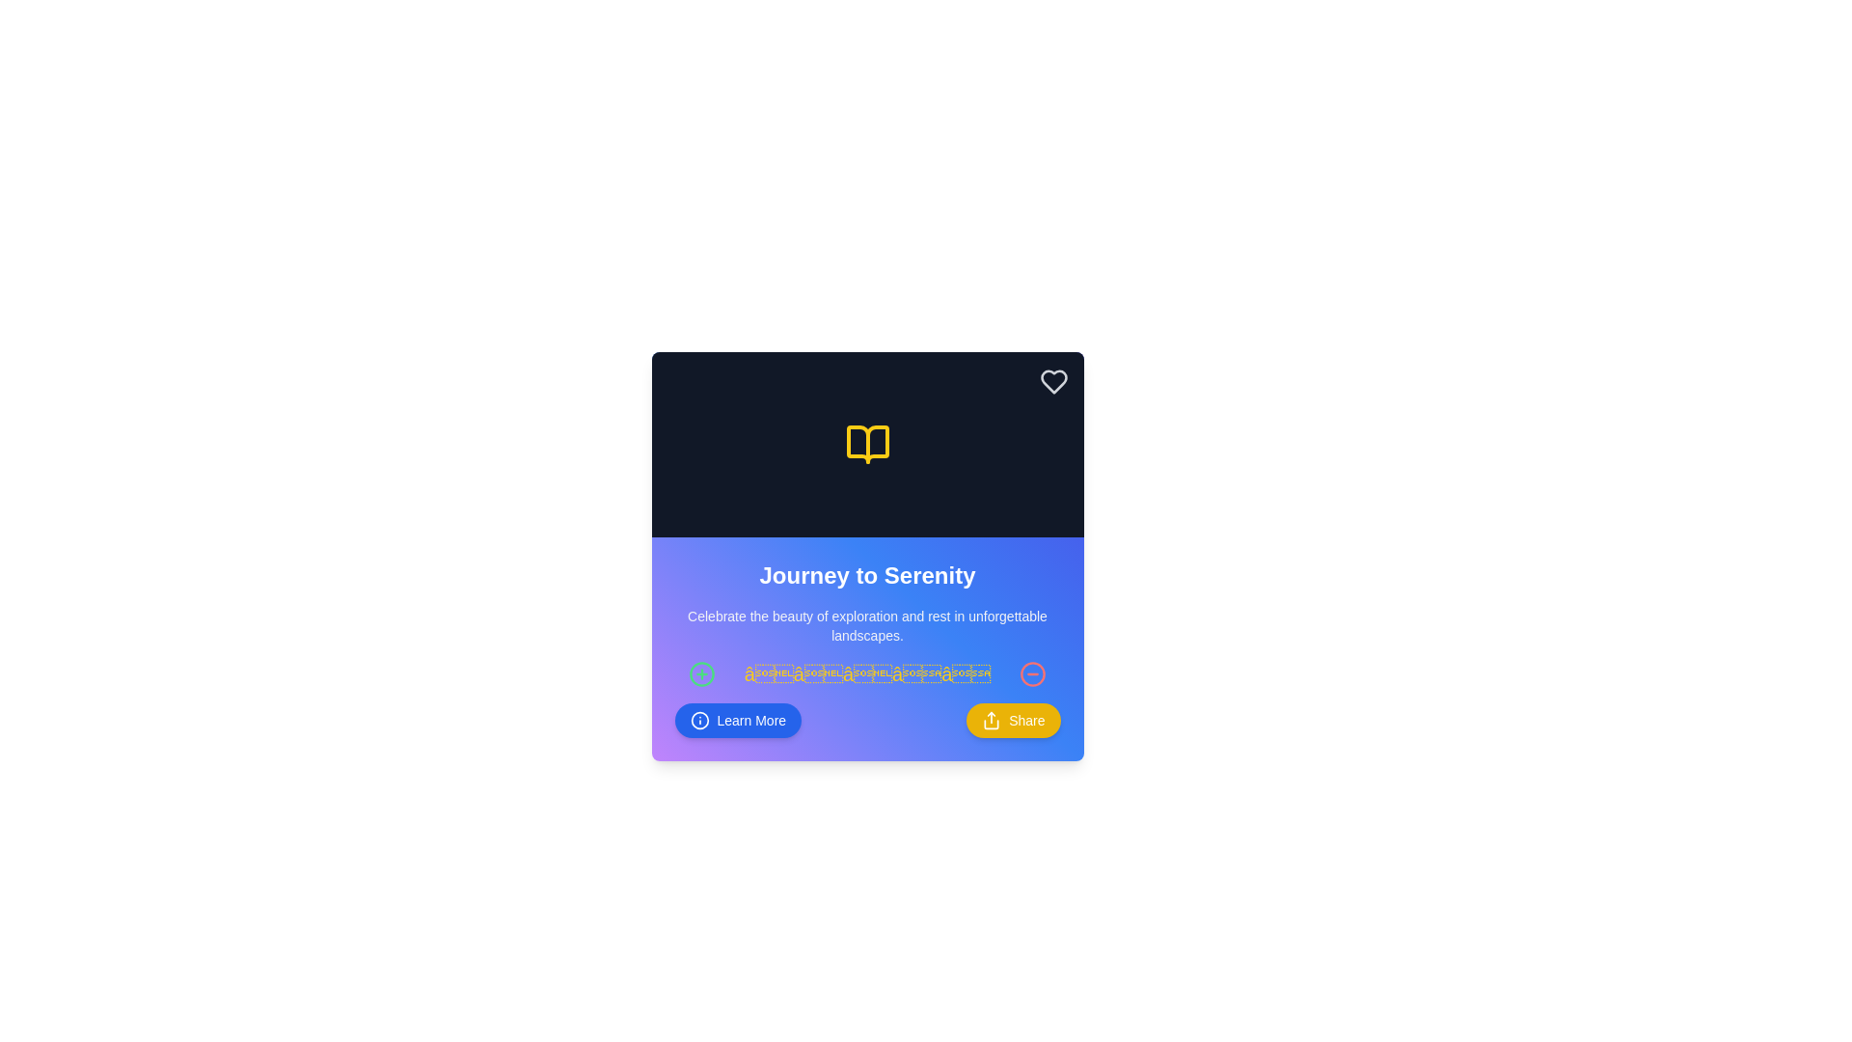 This screenshot has width=1852, height=1042. What do you see at coordinates (866, 672) in the screenshot?
I see `the individual stars of the Rating bar, which visually represents a 3-out-of-5 star rating, located below the description text and above the buttons 'Learn More' and 'Share'` at bounding box center [866, 672].